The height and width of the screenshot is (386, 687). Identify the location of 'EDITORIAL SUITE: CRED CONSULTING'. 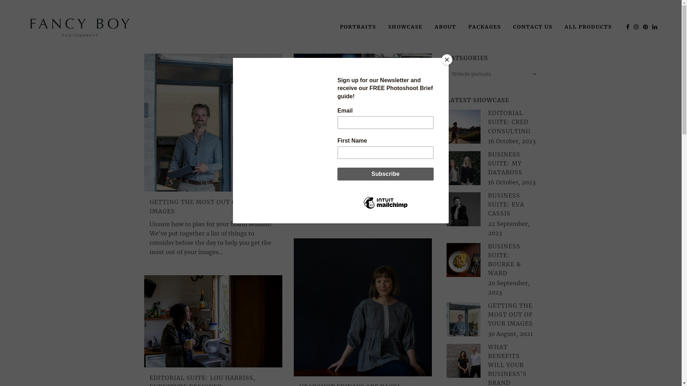
(509, 121).